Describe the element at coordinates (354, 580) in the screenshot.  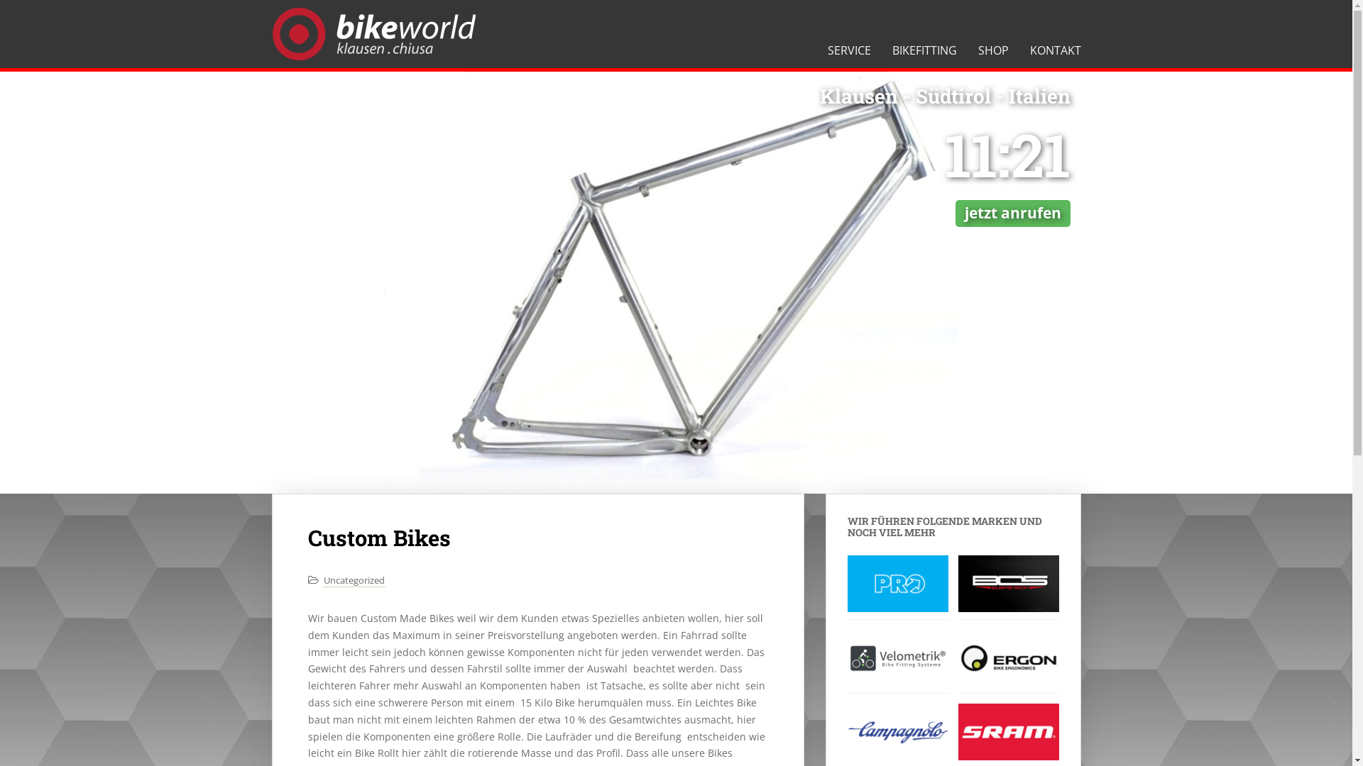
I see `'Uncategorized'` at that location.